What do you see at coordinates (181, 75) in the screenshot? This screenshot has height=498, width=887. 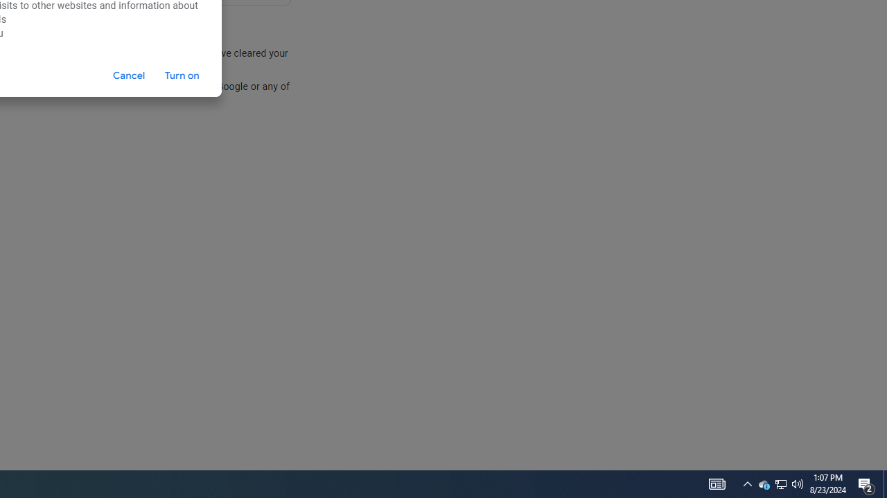 I see `'Turn on'` at bounding box center [181, 75].